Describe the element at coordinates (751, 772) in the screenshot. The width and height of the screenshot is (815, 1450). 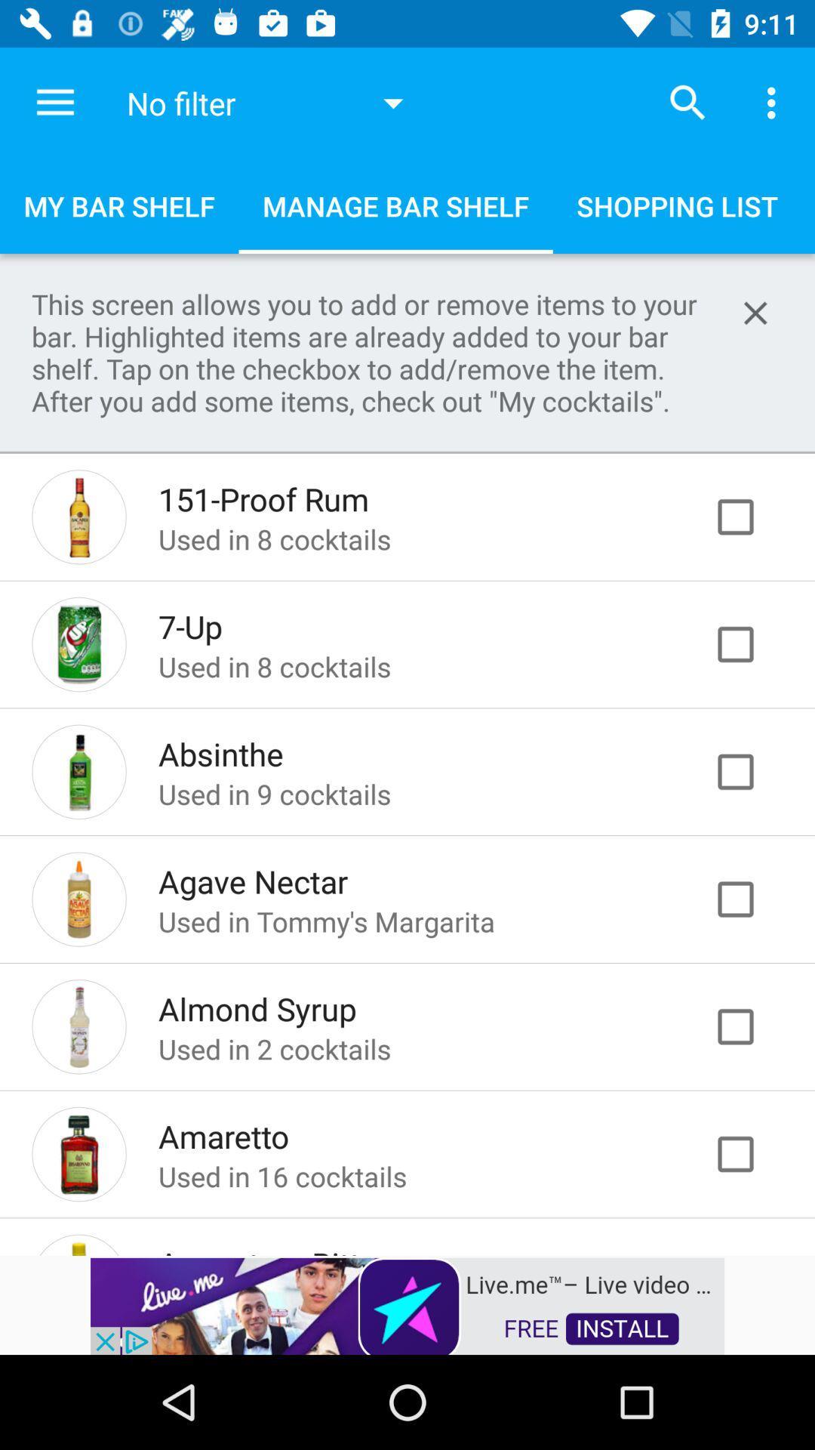
I see `click box` at that location.